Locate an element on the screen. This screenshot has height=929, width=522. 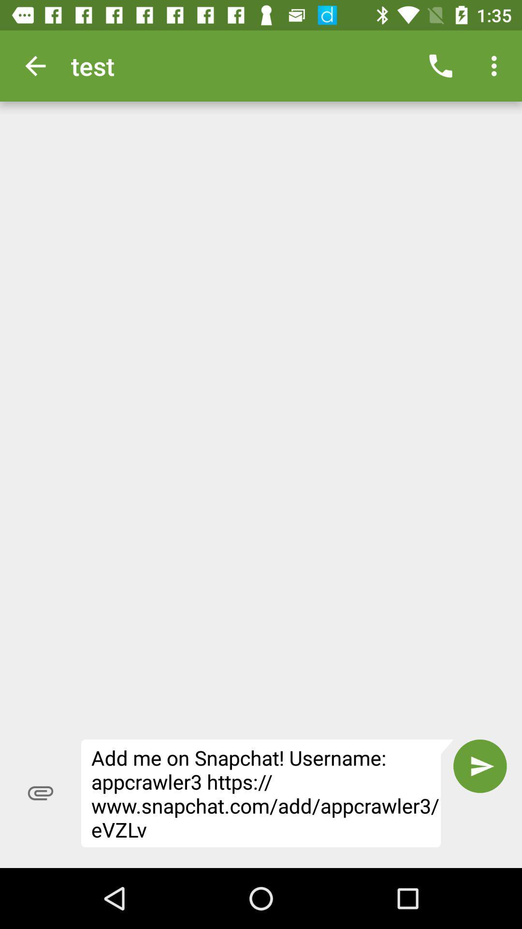
item to the right of test item is located at coordinates (440, 65).